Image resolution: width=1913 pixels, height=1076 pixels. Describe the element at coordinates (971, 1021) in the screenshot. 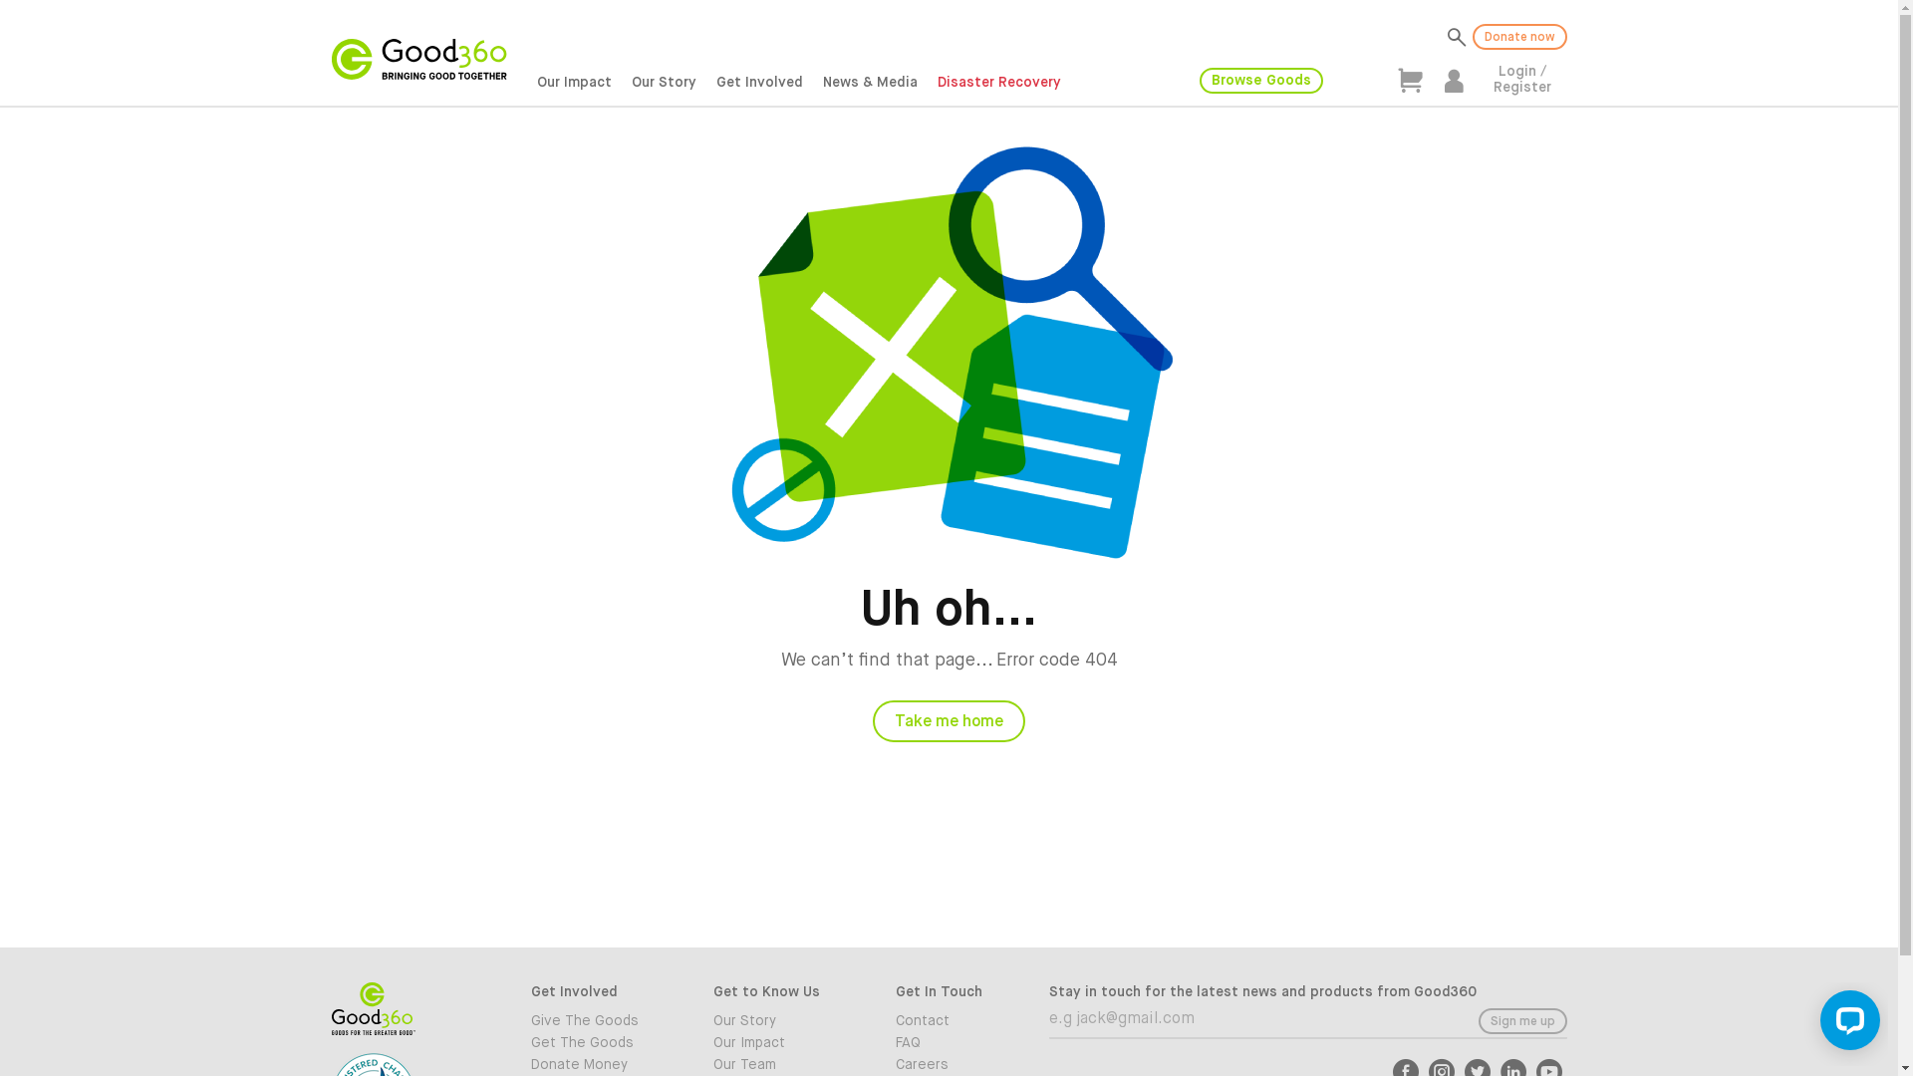

I see `'Contact'` at that location.